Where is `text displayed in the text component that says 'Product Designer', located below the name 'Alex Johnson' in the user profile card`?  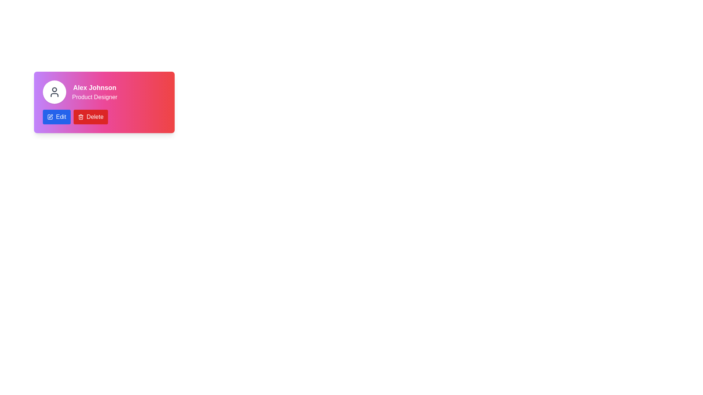
text displayed in the text component that says 'Product Designer', located below the name 'Alex Johnson' in the user profile card is located at coordinates (94, 97).